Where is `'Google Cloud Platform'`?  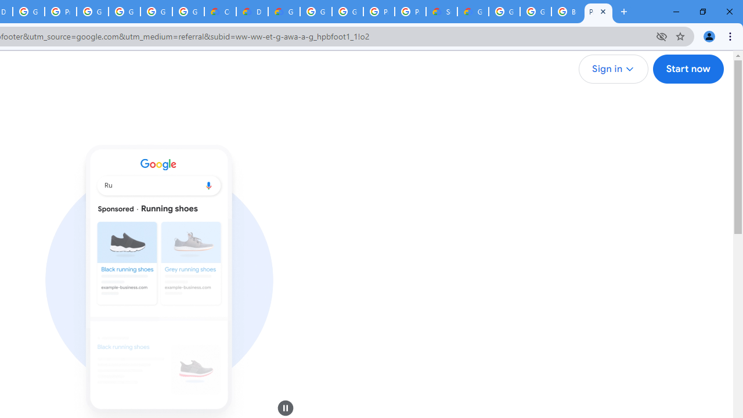 'Google Cloud Platform' is located at coordinates (504, 12).